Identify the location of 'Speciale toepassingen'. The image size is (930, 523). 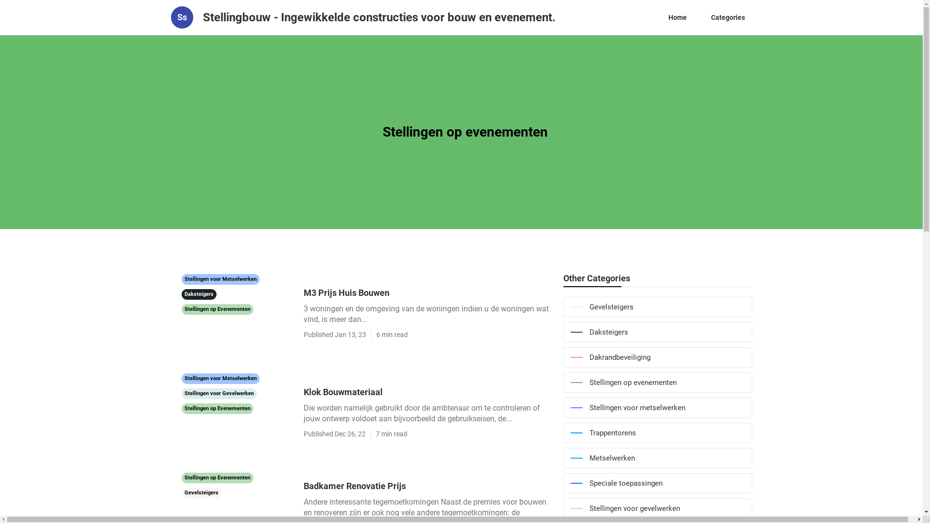
(657, 483).